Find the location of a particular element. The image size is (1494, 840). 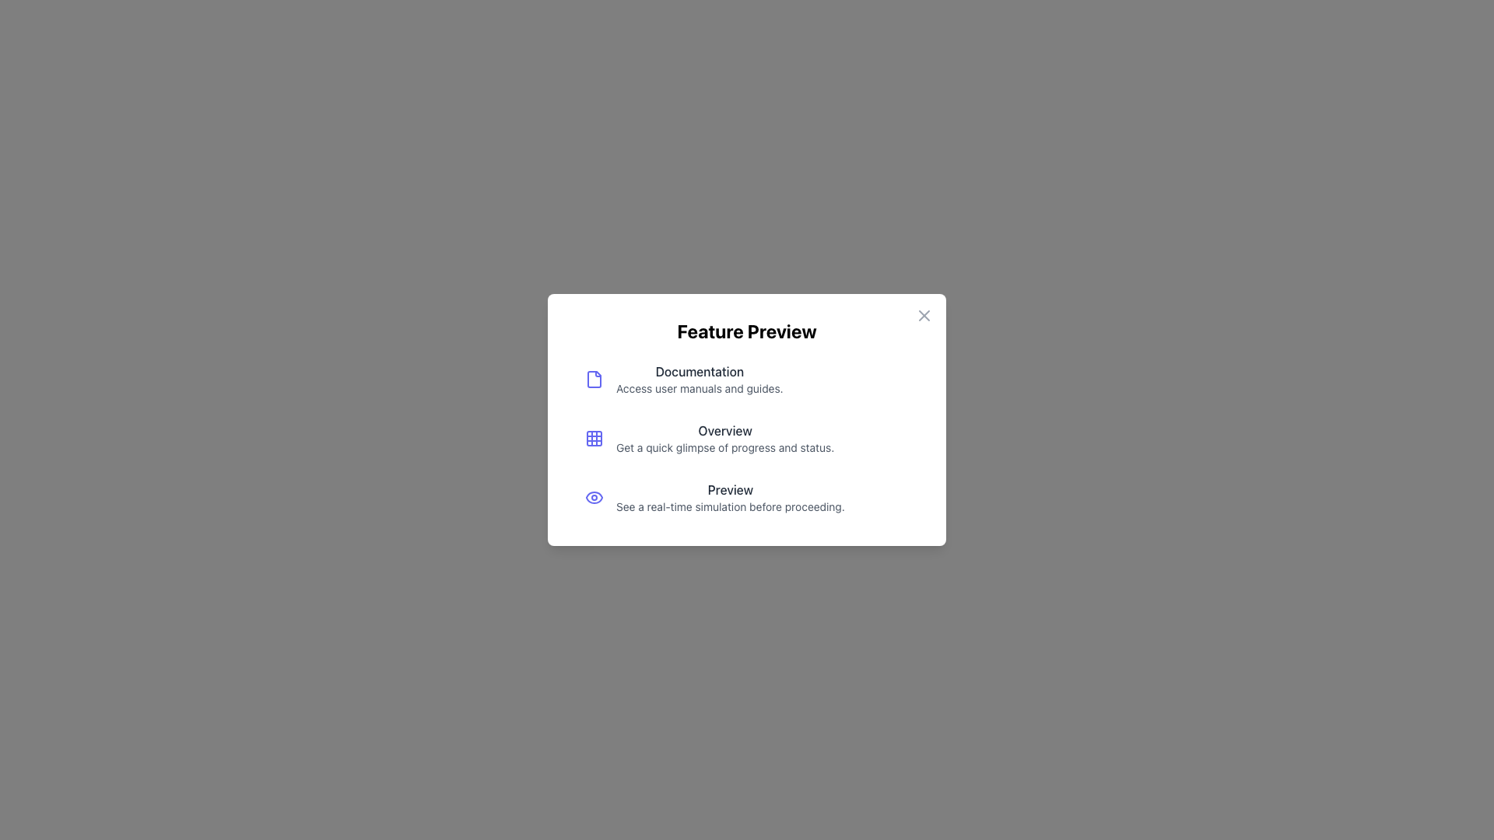

the third item in the vertical list within the modal dialog box is located at coordinates (747, 498).